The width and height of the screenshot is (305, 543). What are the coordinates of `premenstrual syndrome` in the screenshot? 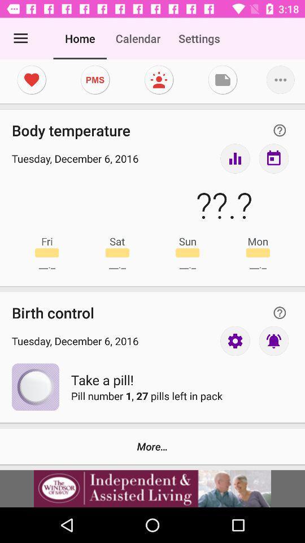 It's located at (94, 79).